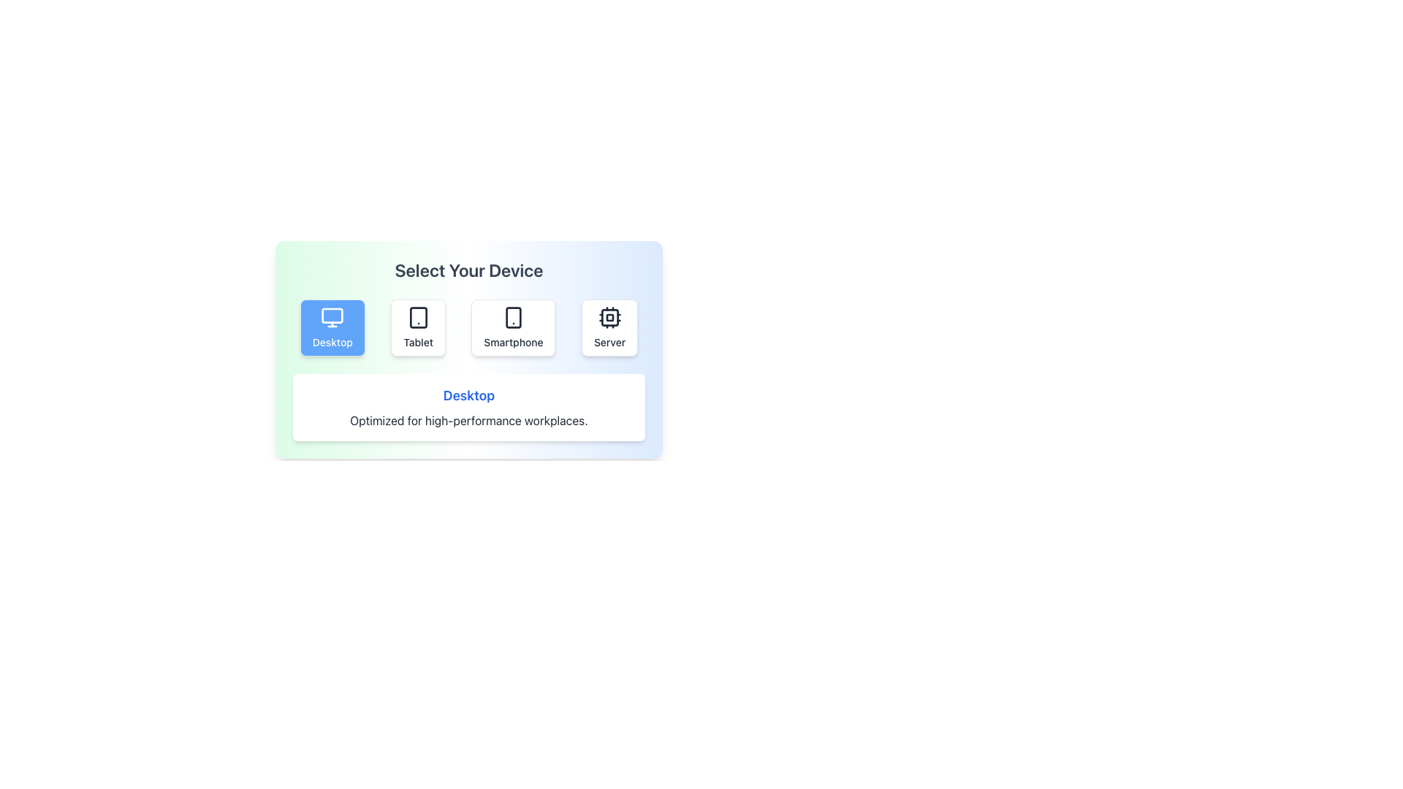 This screenshot has height=789, width=1403. I want to click on the 'Server' label in the device selection menu, which is positioned below the CPU icon representing the 'Server' option, so click(609, 343).